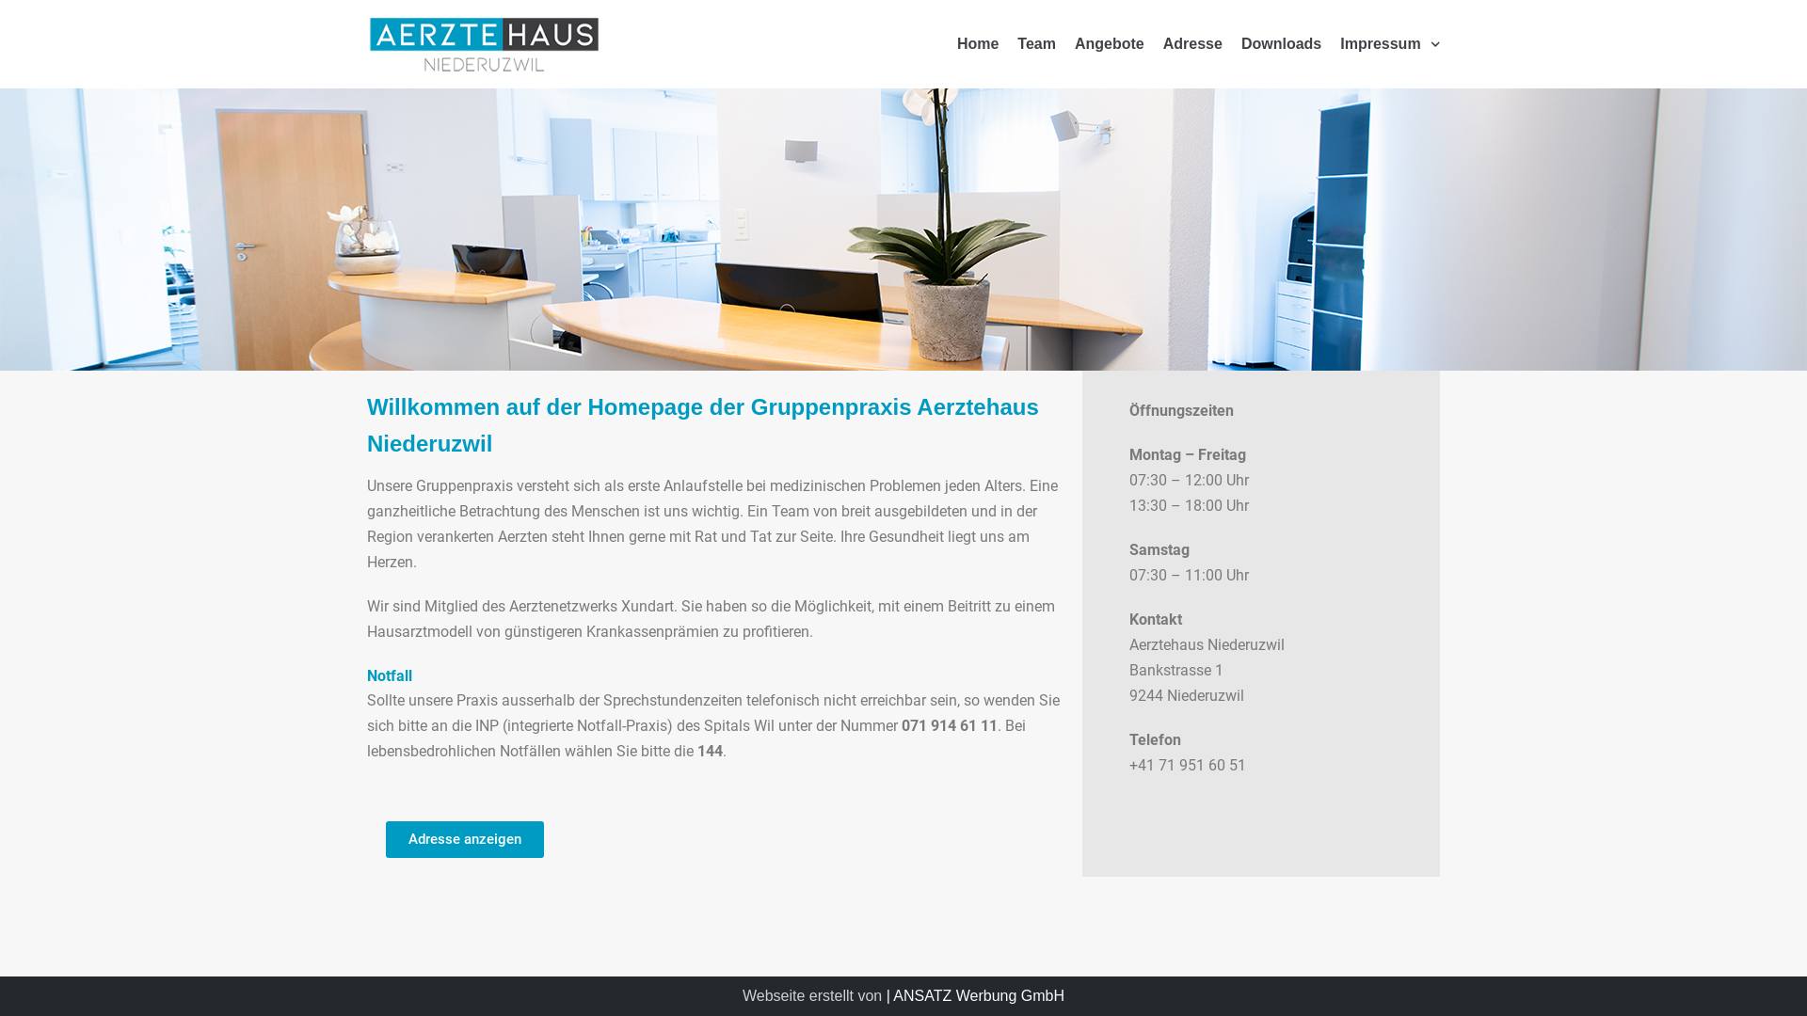  I want to click on 'Angebote', so click(1110, 43).